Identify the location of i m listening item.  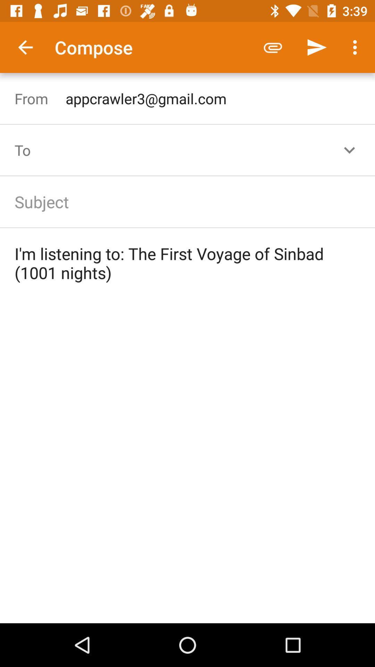
(187, 263).